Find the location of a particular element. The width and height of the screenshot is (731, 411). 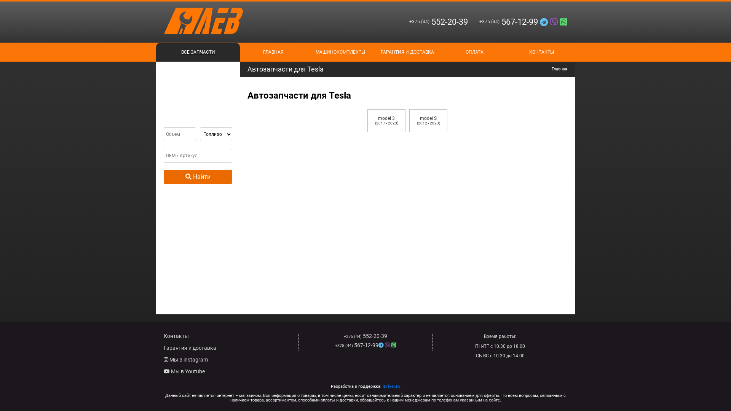

'model 3 is located at coordinates (386, 120).